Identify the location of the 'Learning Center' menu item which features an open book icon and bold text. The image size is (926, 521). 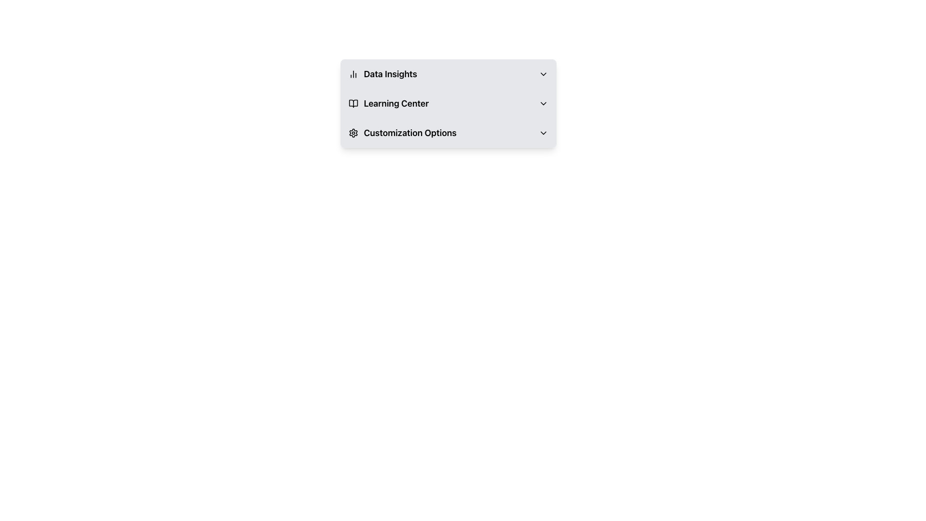
(388, 104).